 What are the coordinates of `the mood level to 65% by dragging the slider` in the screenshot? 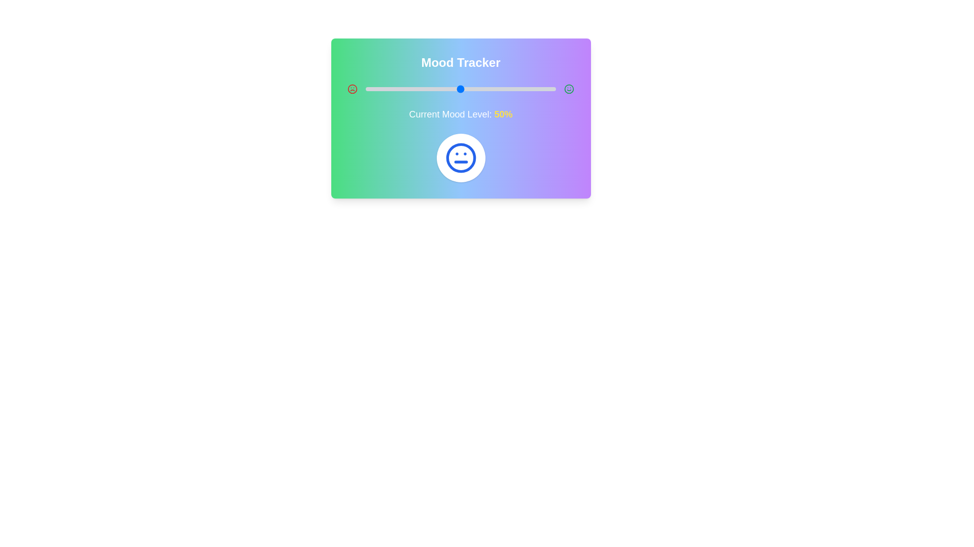 It's located at (489, 89).